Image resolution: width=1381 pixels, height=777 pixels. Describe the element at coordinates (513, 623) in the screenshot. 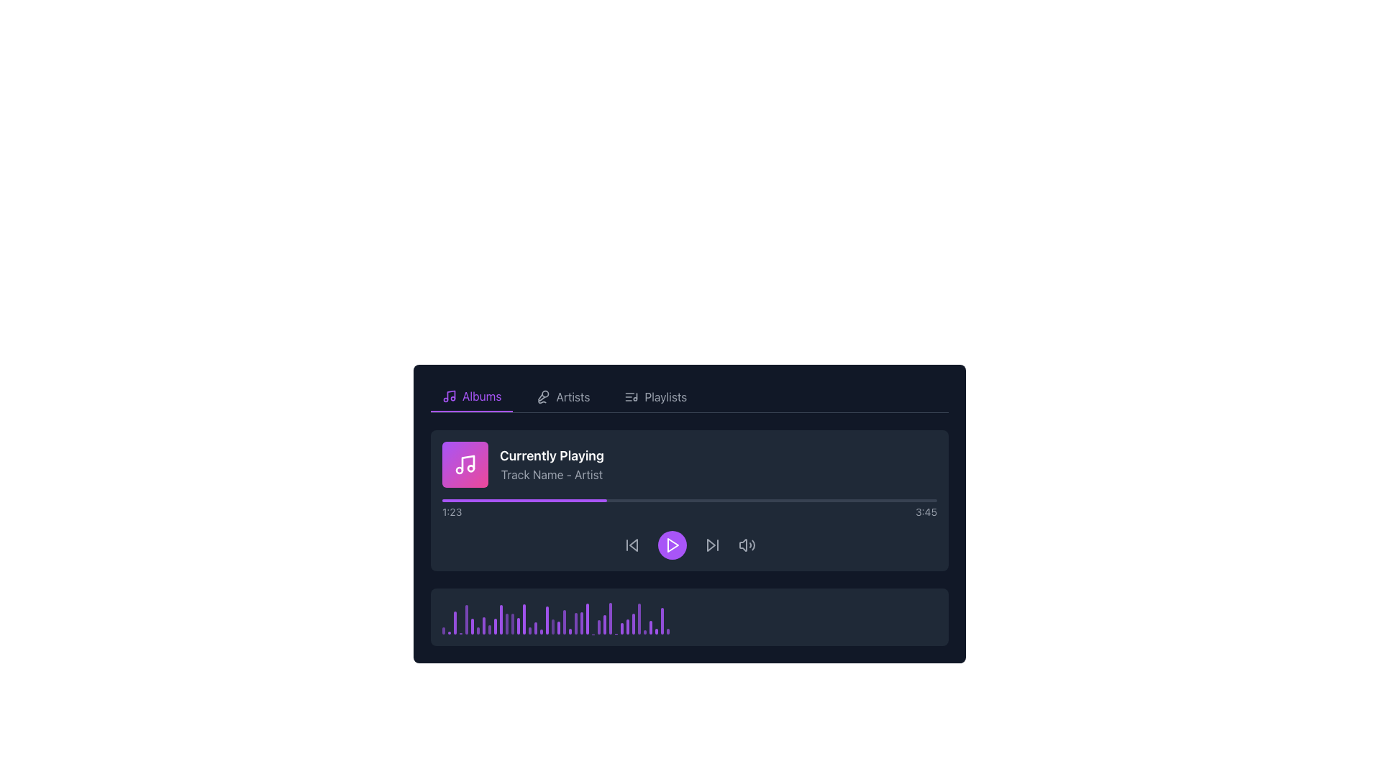

I see `the 13th vertical bar in the histogram-like visualization that represents a data point within a grid-like structure at the bottom section of the interface` at that location.